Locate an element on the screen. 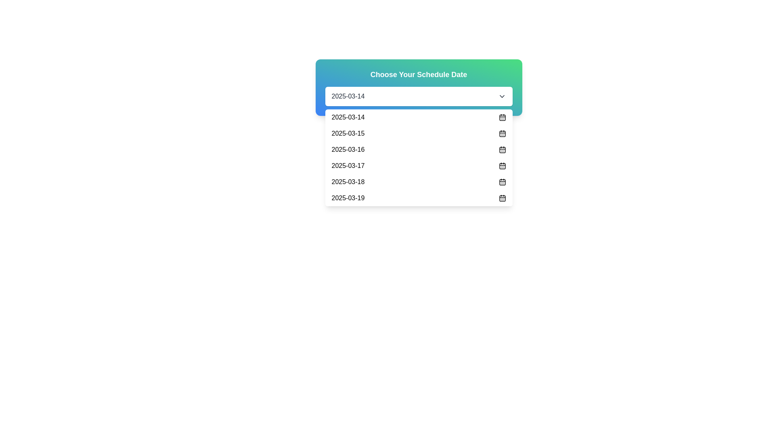 Image resolution: width=775 pixels, height=436 pixels. the sixth item in the dropdown menu is located at coordinates (419, 198).